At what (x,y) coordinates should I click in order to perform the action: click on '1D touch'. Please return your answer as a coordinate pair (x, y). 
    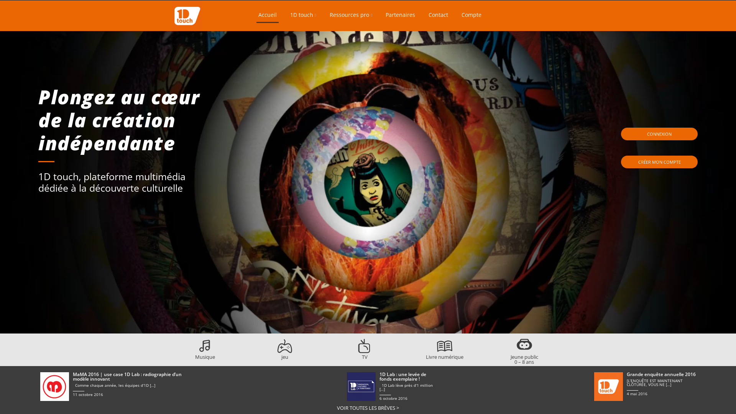
    Looking at the image, I should click on (288, 16).